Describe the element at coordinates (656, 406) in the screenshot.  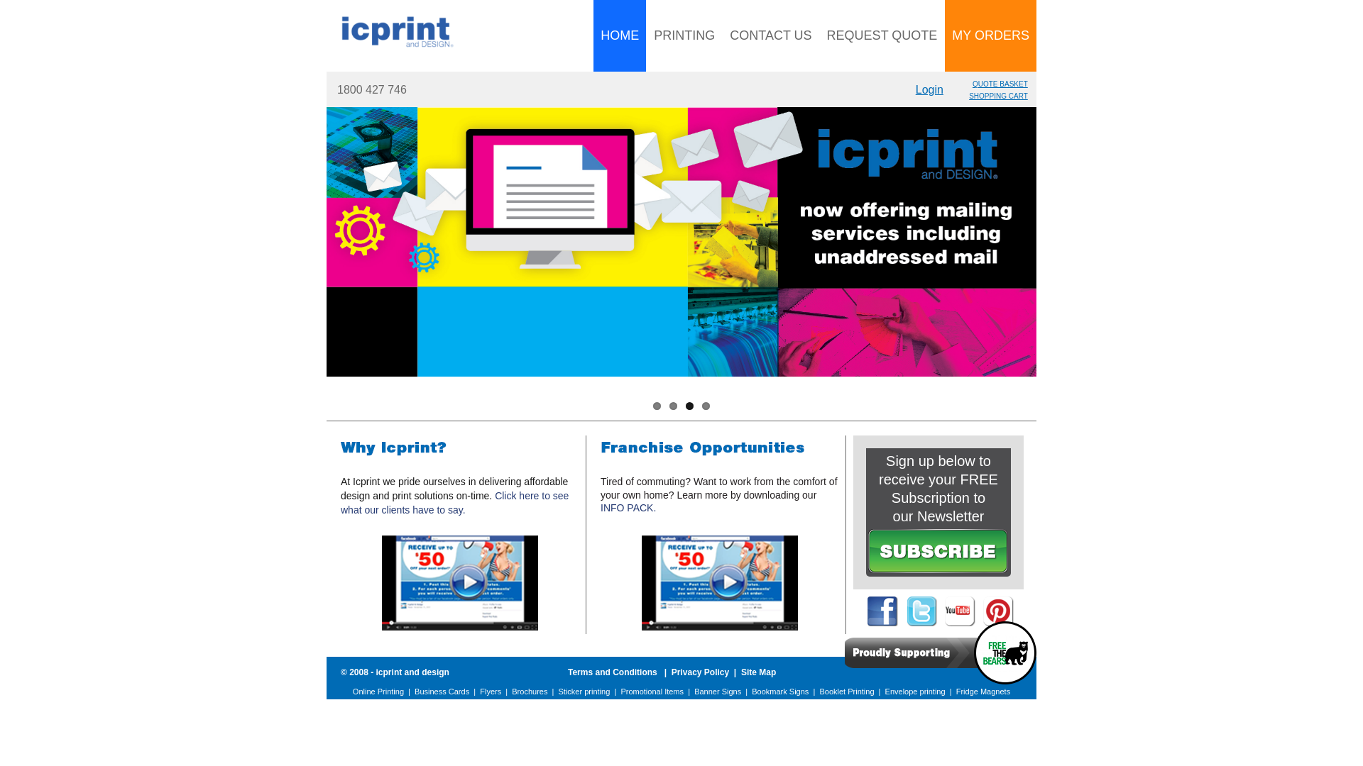
I see `'1'` at that location.